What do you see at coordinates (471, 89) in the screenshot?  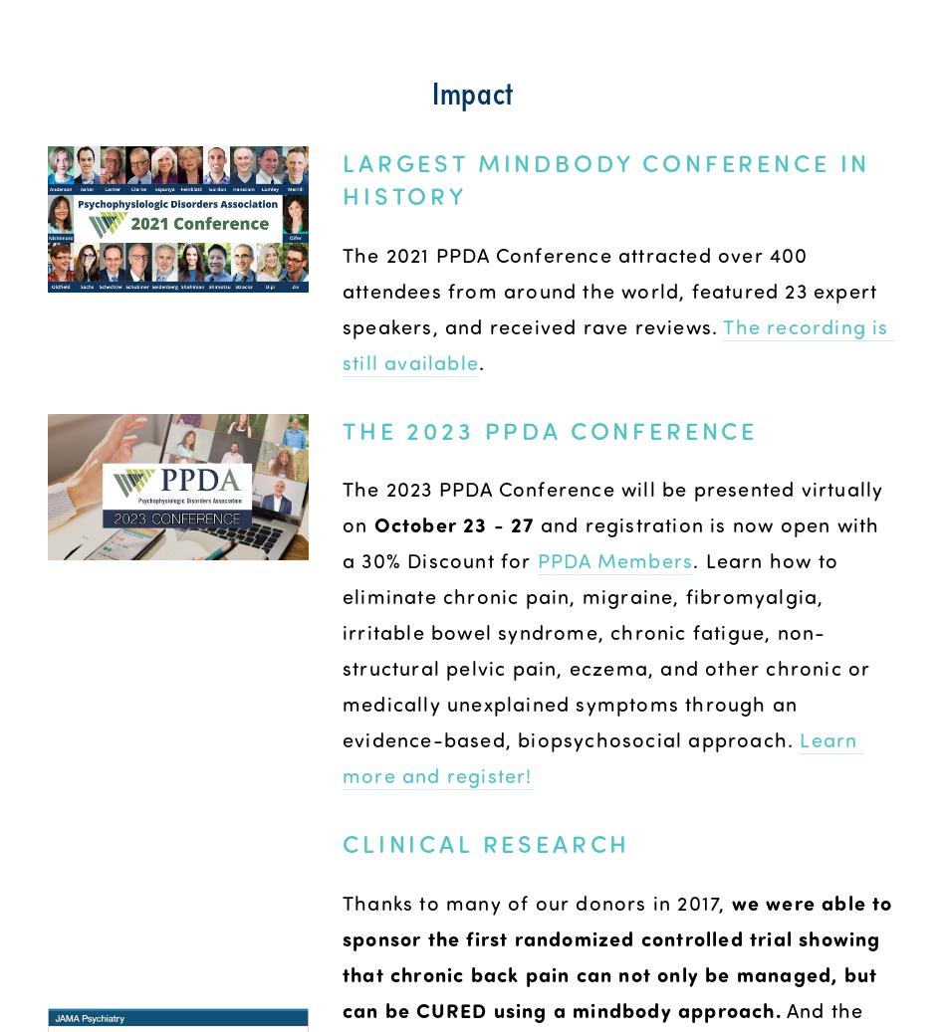 I see `'Impact'` at bounding box center [471, 89].